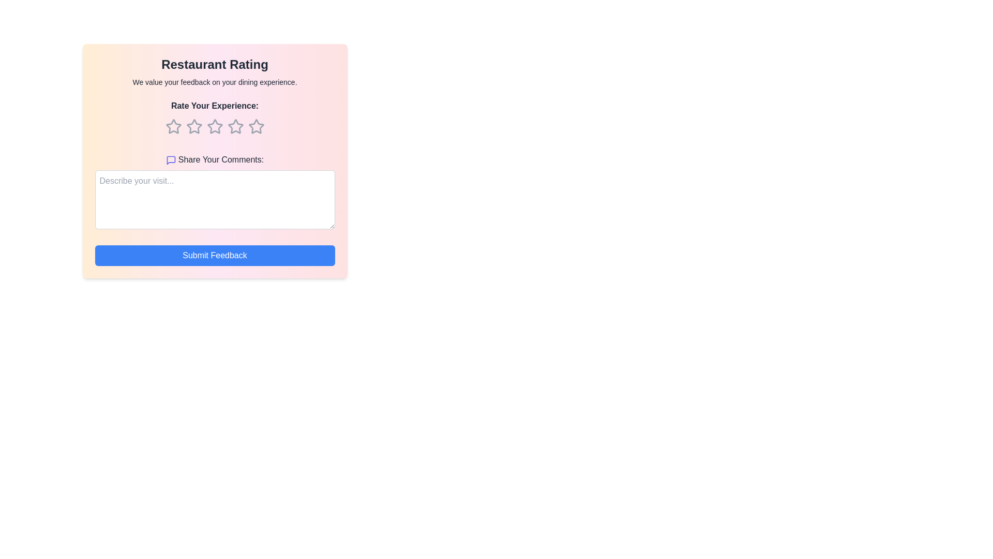 The height and width of the screenshot is (559, 993). Describe the element at coordinates (214, 126) in the screenshot. I see `the third star in the rating sequence` at that location.